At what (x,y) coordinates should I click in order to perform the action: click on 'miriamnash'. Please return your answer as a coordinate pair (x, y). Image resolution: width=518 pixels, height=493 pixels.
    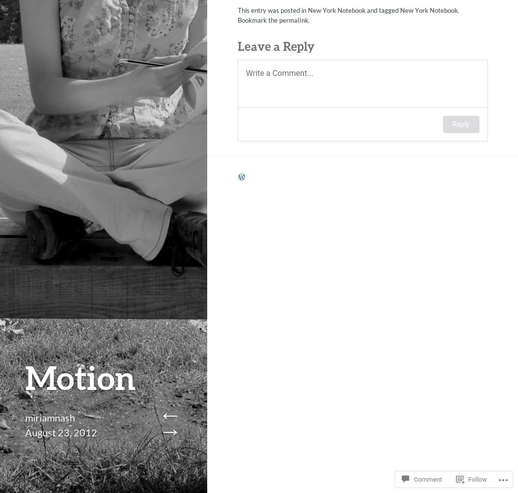
    Looking at the image, I should click on (25, 417).